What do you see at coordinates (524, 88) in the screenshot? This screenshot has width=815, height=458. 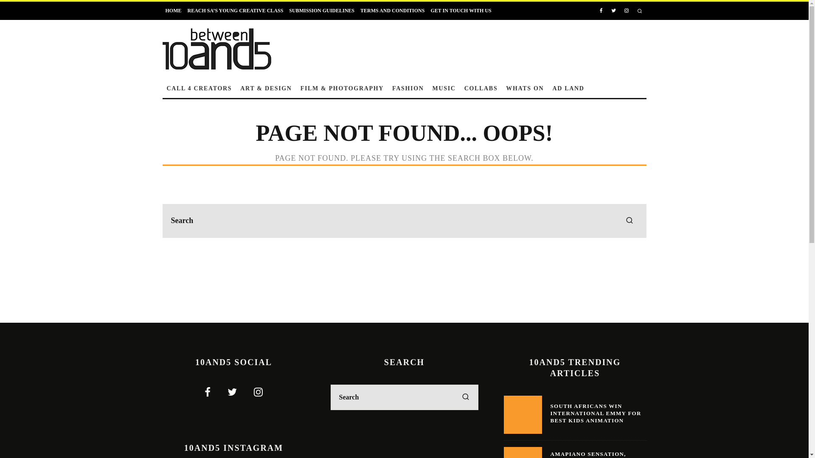 I see `'WHATS ON'` at bounding box center [524, 88].